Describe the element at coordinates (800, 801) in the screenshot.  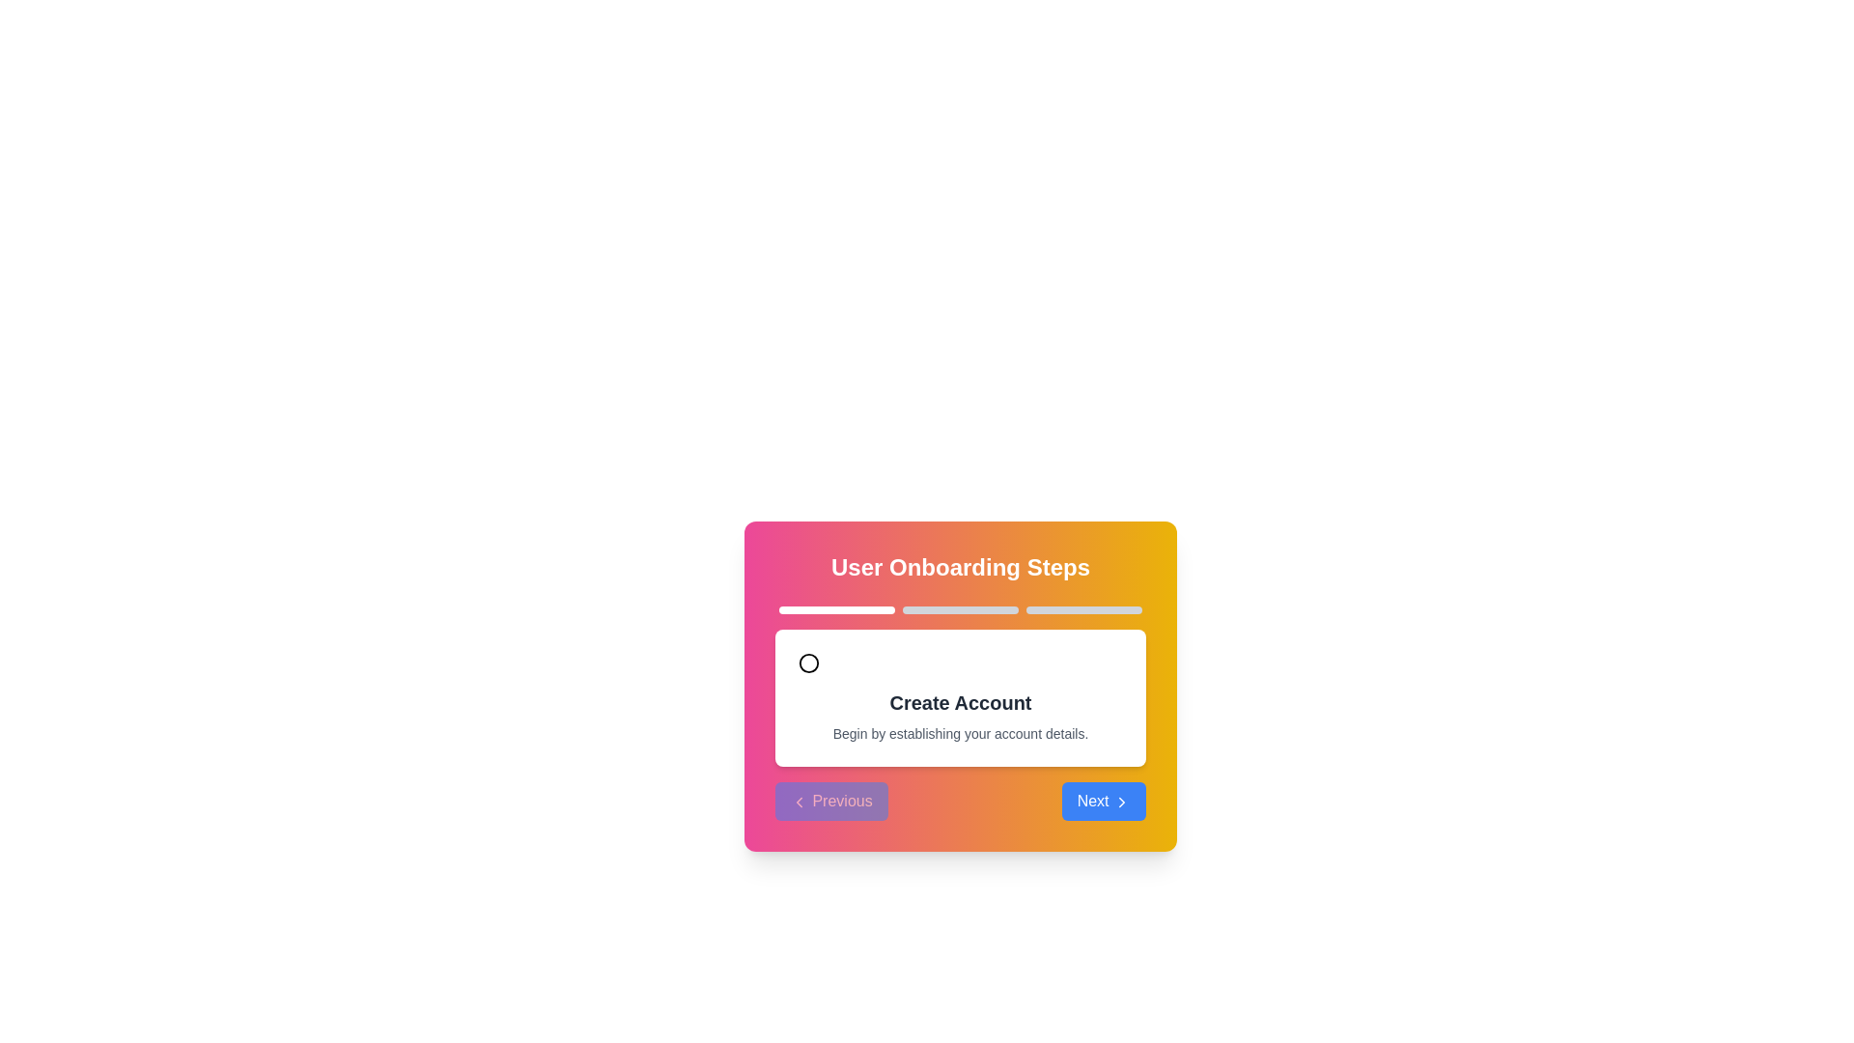
I see `the design and location of the left-facing chevron icon within the 'Previous' button, which is positioned at the bottom left corner of the user interface` at that location.